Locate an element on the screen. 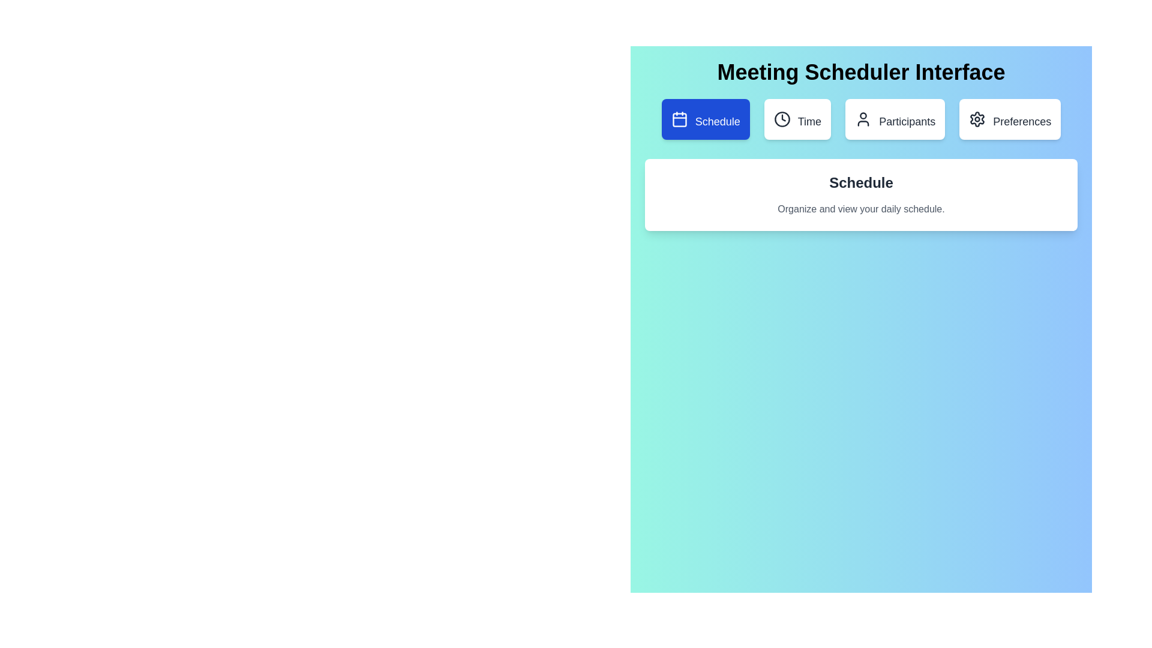 The height and width of the screenshot is (648, 1152). the blue 'Schedule' button that contains the calendar icon, which is a rectangular shape with rounded corners is located at coordinates (679, 120).